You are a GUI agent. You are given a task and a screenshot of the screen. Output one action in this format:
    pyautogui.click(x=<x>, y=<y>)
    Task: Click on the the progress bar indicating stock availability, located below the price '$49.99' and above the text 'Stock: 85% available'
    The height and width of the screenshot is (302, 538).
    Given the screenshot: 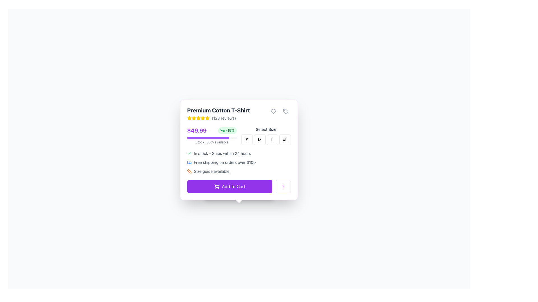 What is the action you would take?
    pyautogui.click(x=212, y=138)
    